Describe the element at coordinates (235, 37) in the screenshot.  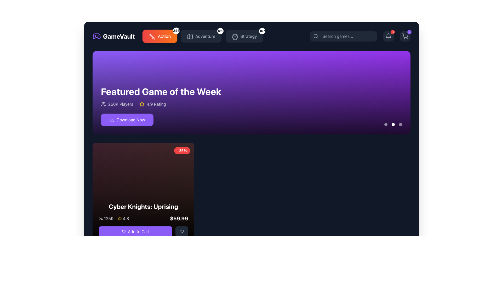
I see `the brain SVG icon located in the navigation bar` at that location.